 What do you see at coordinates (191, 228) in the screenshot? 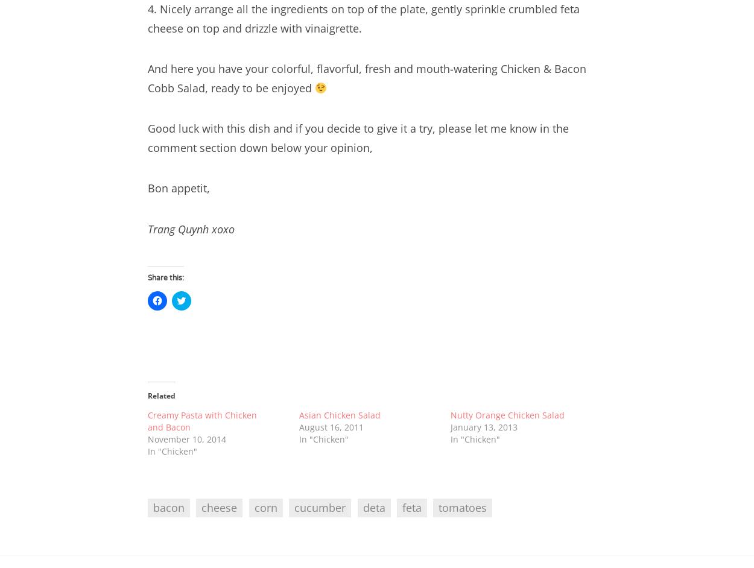
I see `'Trang Quynh xoxo'` at bounding box center [191, 228].